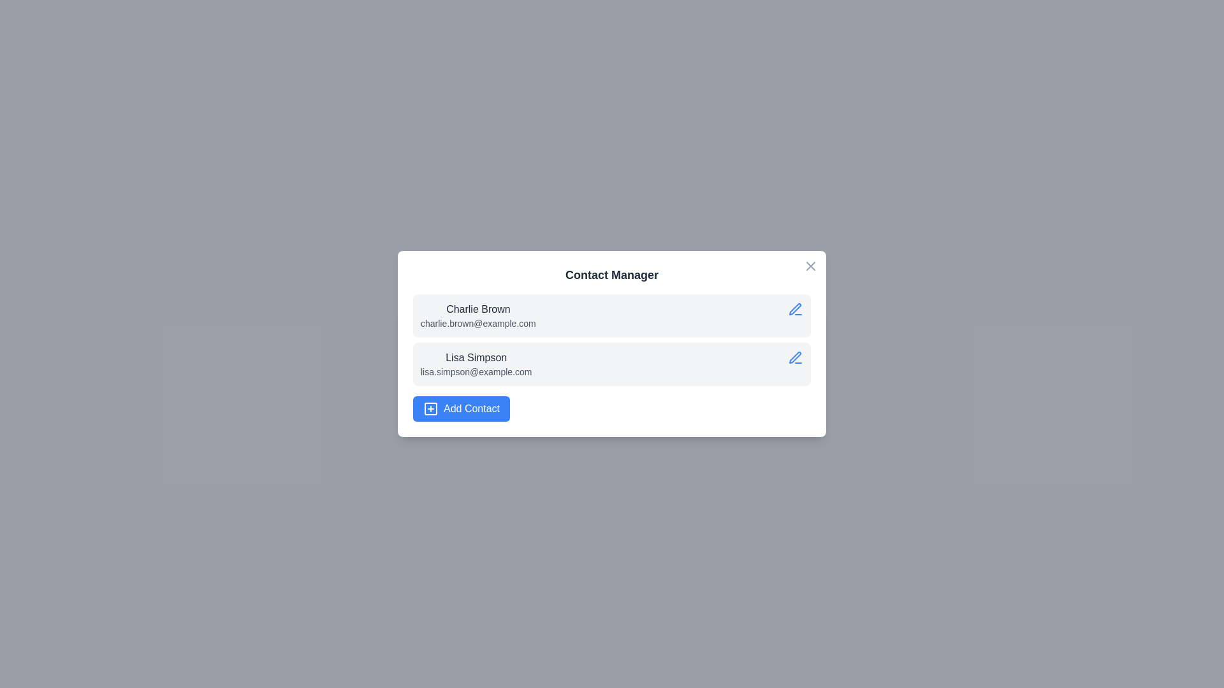  What do you see at coordinates (461, 408) in the screenshot?
I see `the 'Add Contact' button to initiate the process of adding a new contact` at bounding box center [461, 408].